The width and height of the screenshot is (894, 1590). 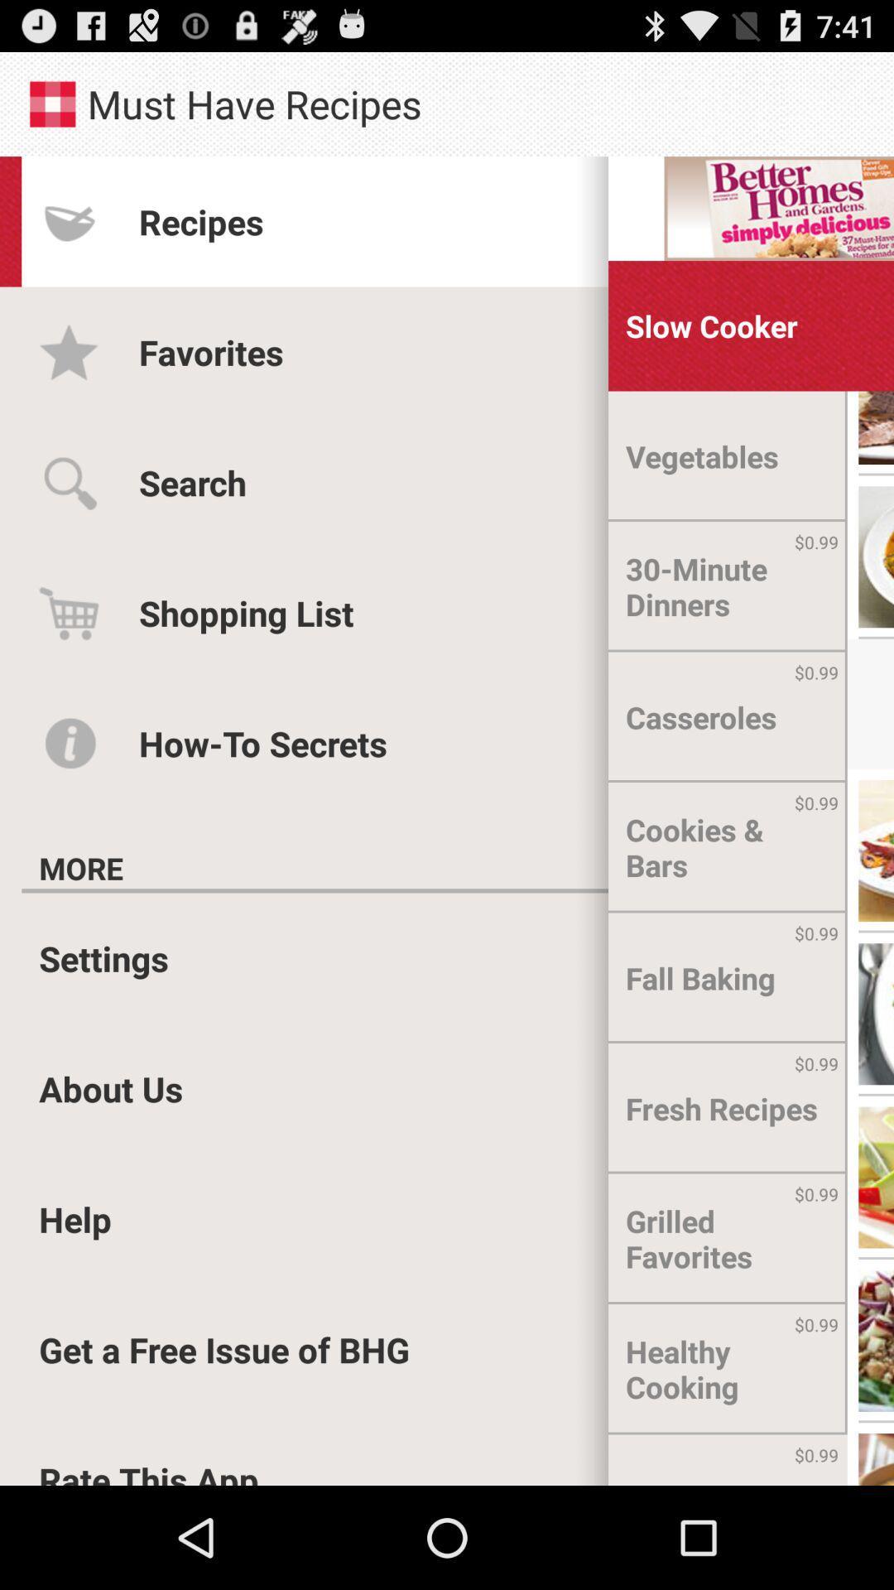 I want to click on the item to the left of the $0.99 item, so click(x=683, y=1460).